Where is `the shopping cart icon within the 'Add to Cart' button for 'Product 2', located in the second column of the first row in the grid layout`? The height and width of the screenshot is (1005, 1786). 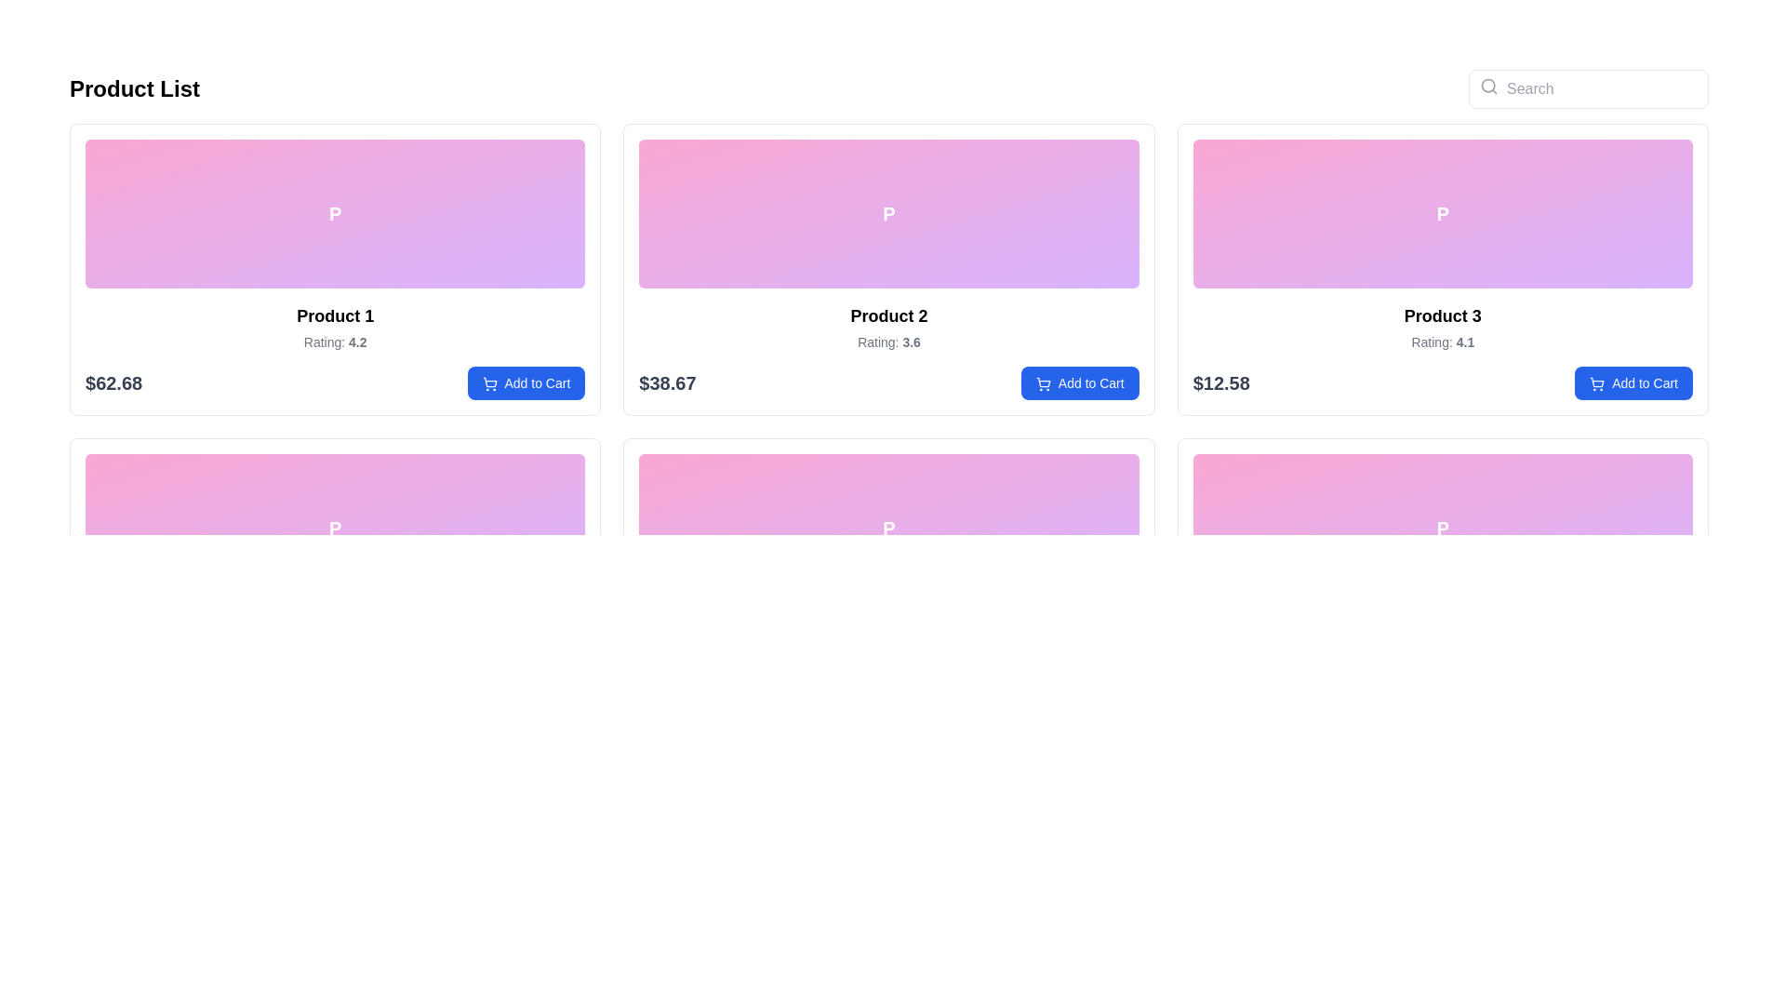 the shopping cart icon within the 'Add to Cart' button for 'Product 2', located in the second column of the first row in the grid layout is located at coordinates (1043, 383).